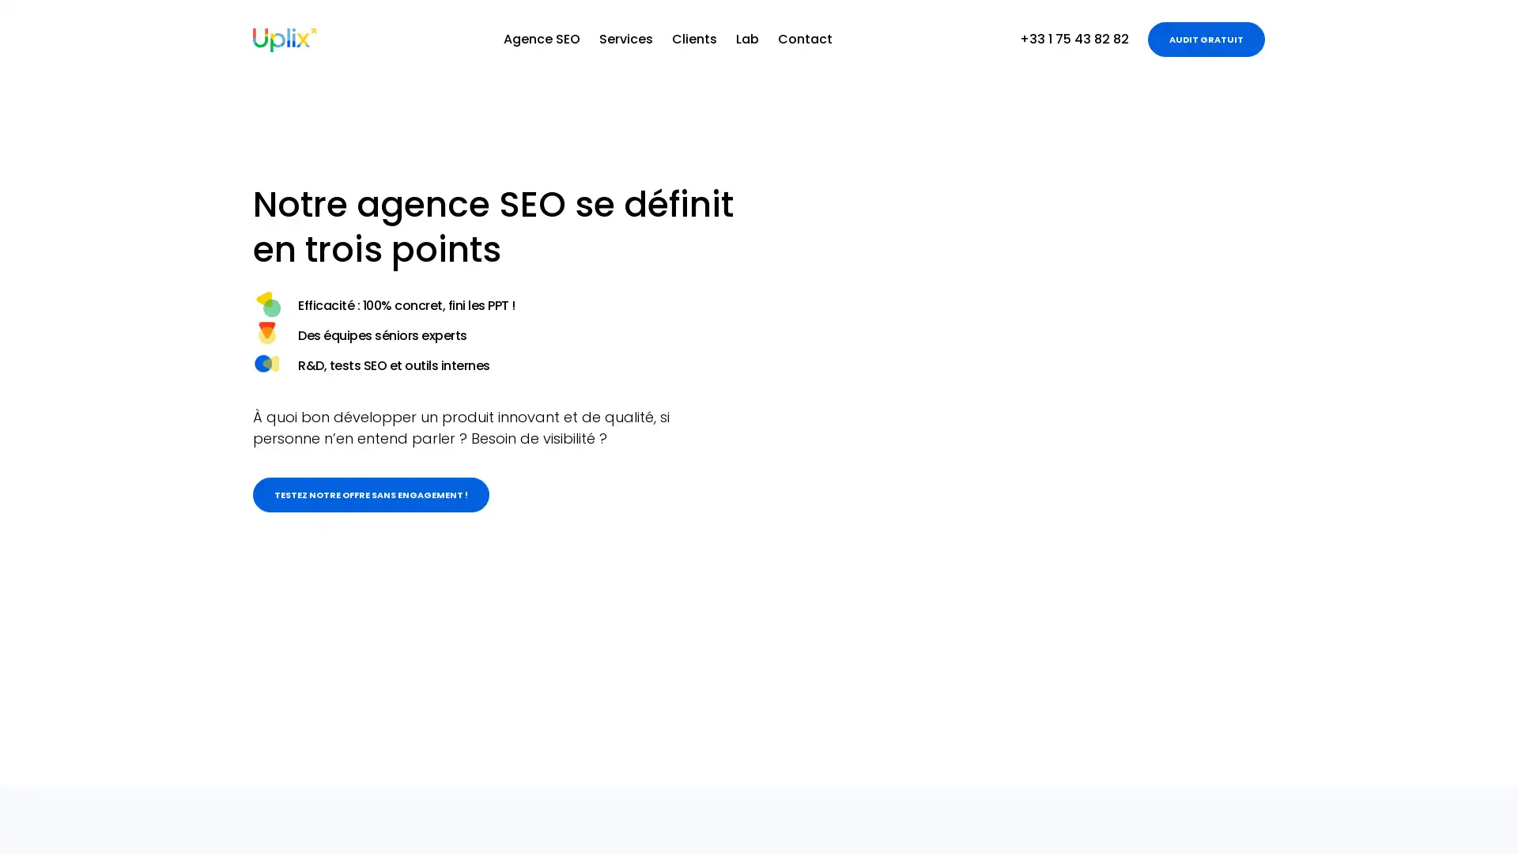  What do you see at coordinates (1446, 773) in the screenshot?
I see `OK pour moi` at bounding box center [1446, 773].